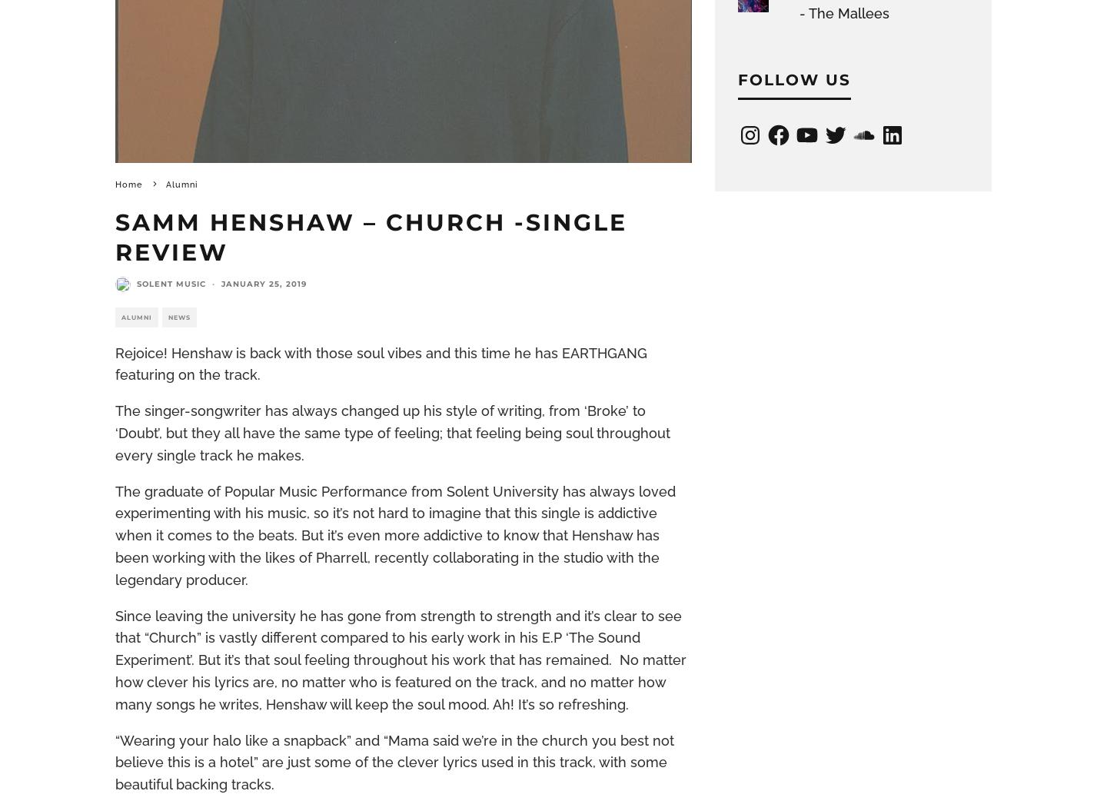  What do you see at coordinates (794, 79) in the screenshot?
I see `'Follow Us'` at bounding box center [794, 79].